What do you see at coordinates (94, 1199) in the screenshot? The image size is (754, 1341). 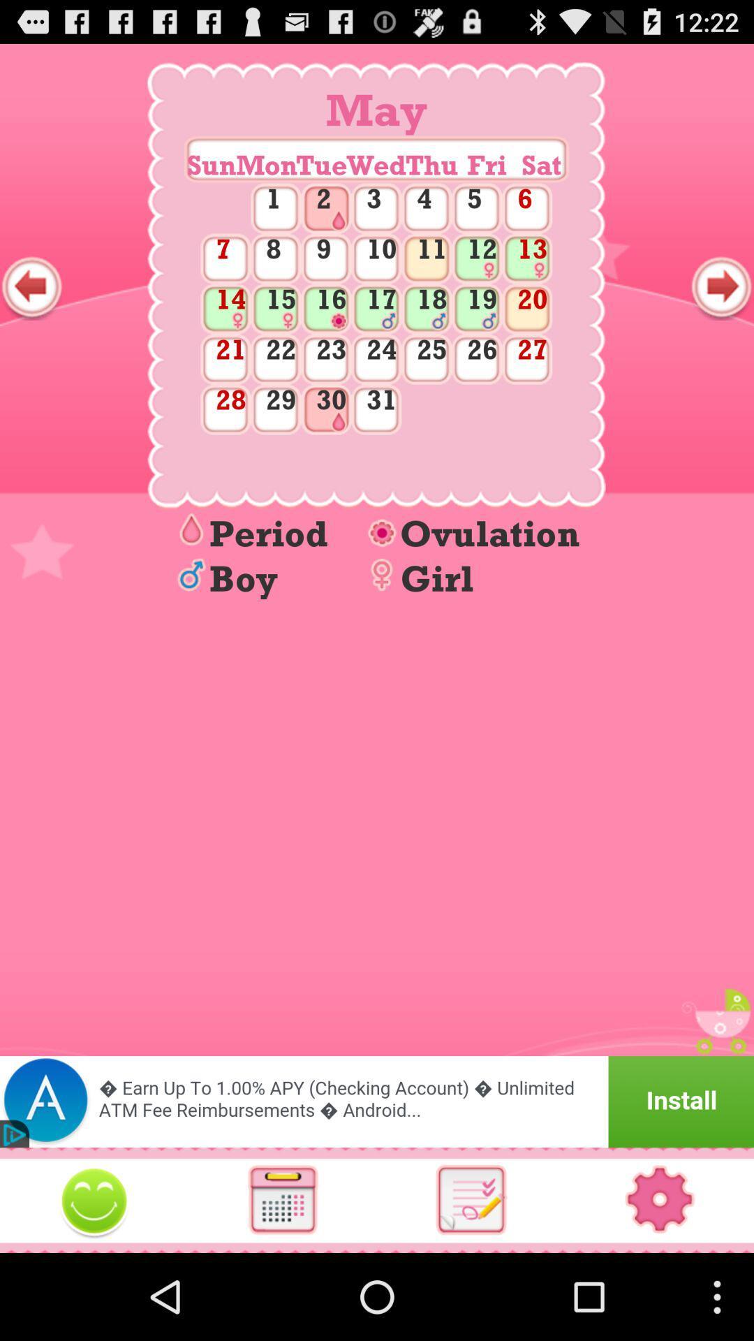 I see `the image are good` at bounding box center [94, 1199].